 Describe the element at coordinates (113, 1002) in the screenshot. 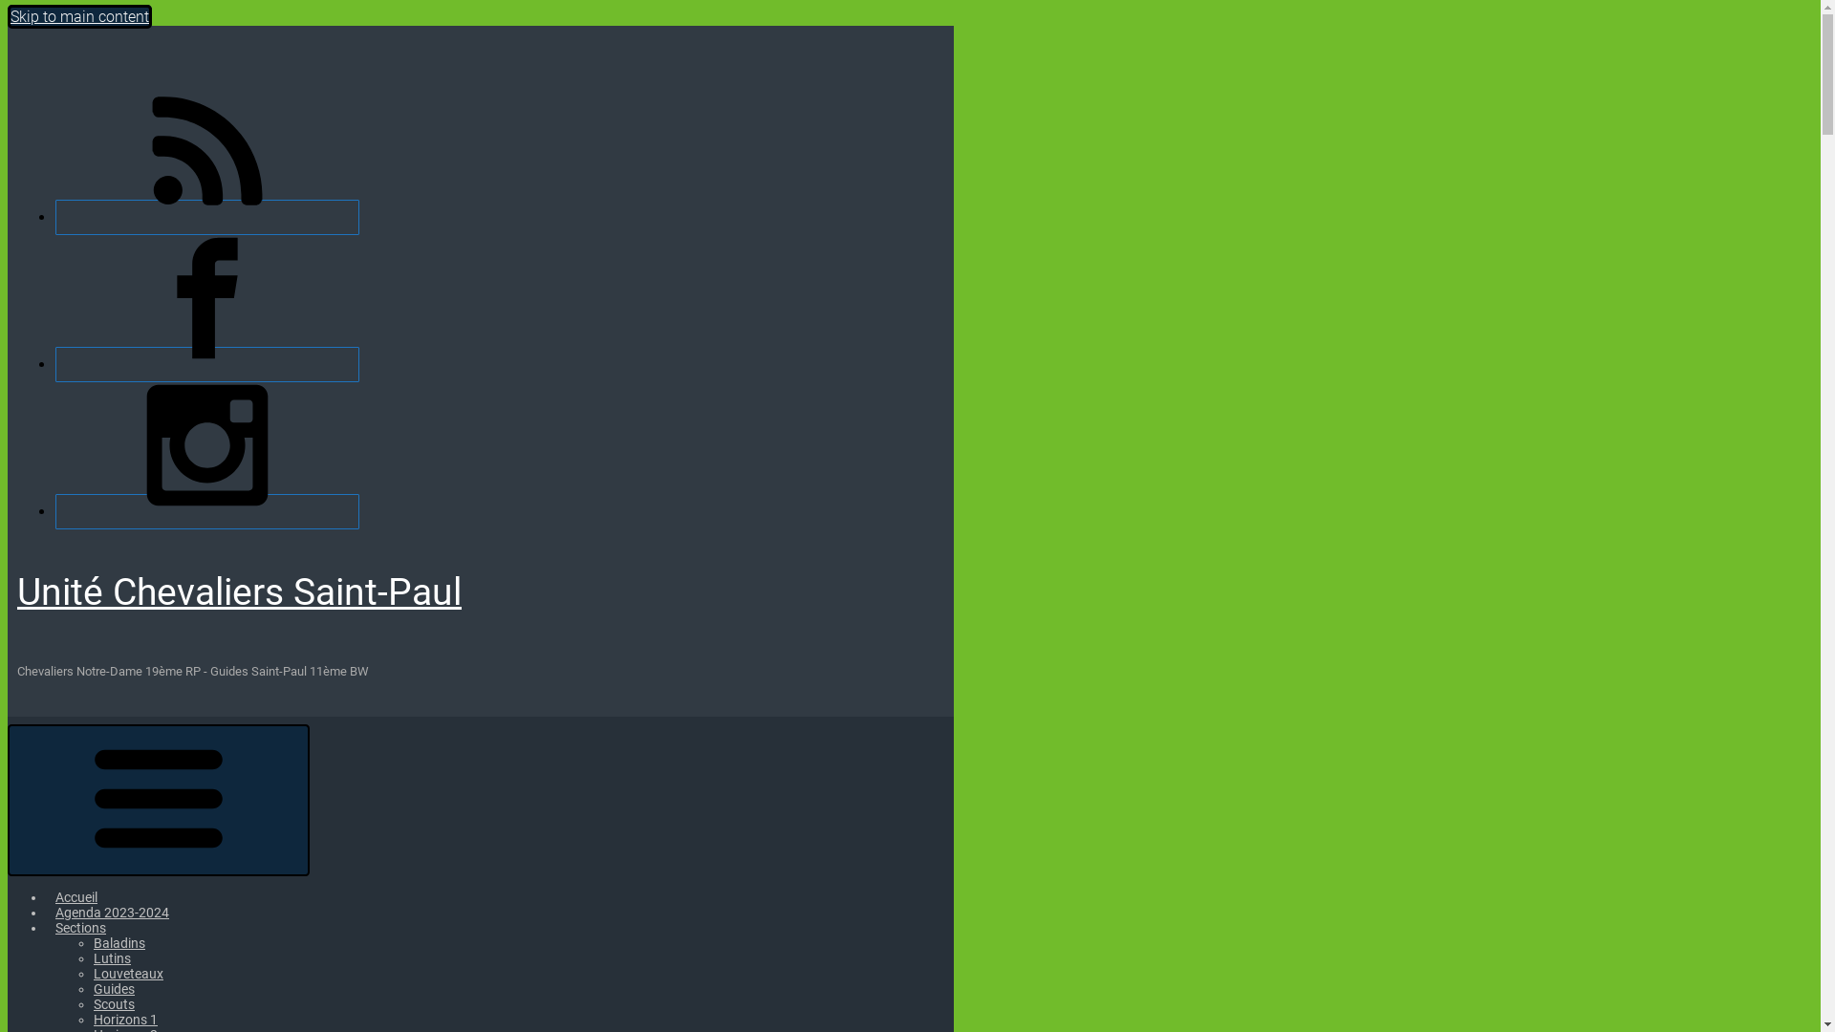

I see `'Scouts'` at that location.